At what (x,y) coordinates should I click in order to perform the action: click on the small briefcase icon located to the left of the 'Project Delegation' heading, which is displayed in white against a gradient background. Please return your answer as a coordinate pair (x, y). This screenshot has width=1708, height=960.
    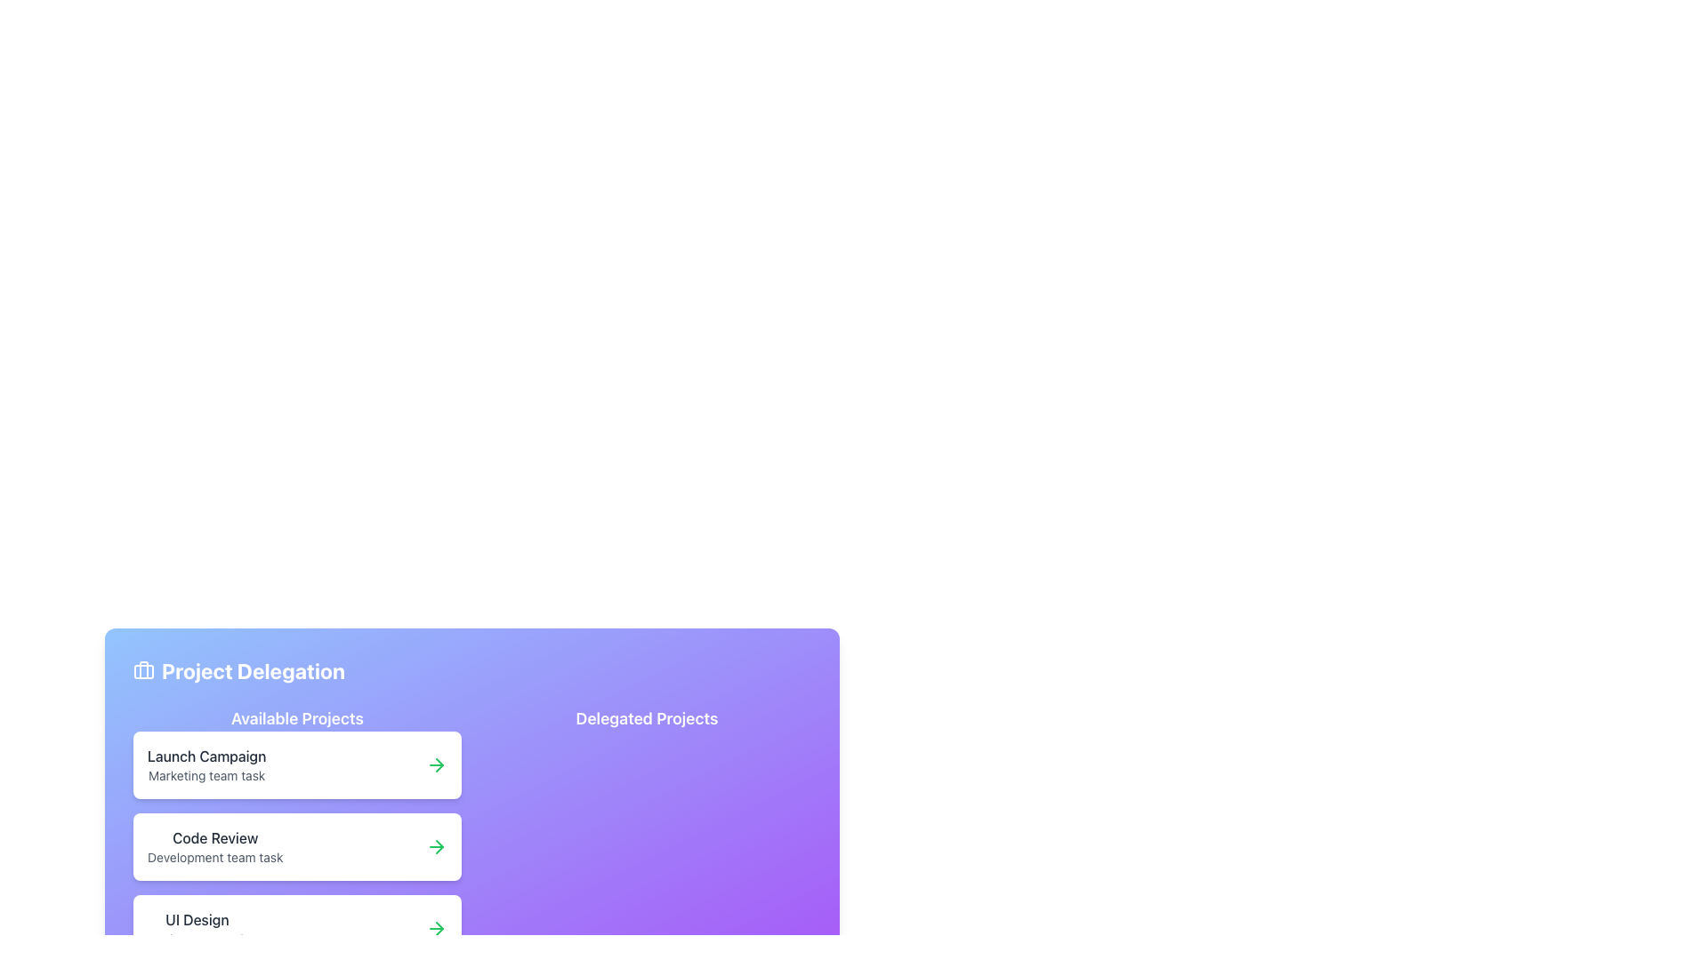
    Looking at the image, I should click on (144, 671).